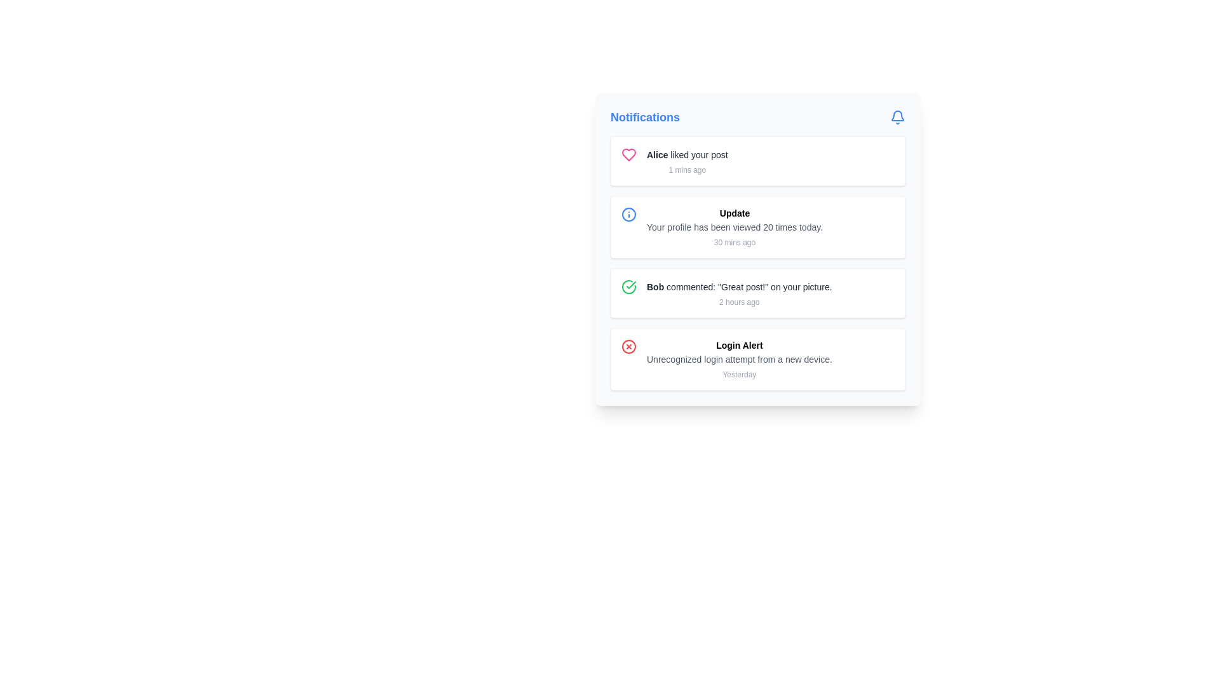  Describe the element at coordinates (739, 293) in the screenshot. I see `notification message that states 'Bob commented: "Great post!" on your picture.' It is the third notification in the notifications panel, below the 'Update' notification` at that location.